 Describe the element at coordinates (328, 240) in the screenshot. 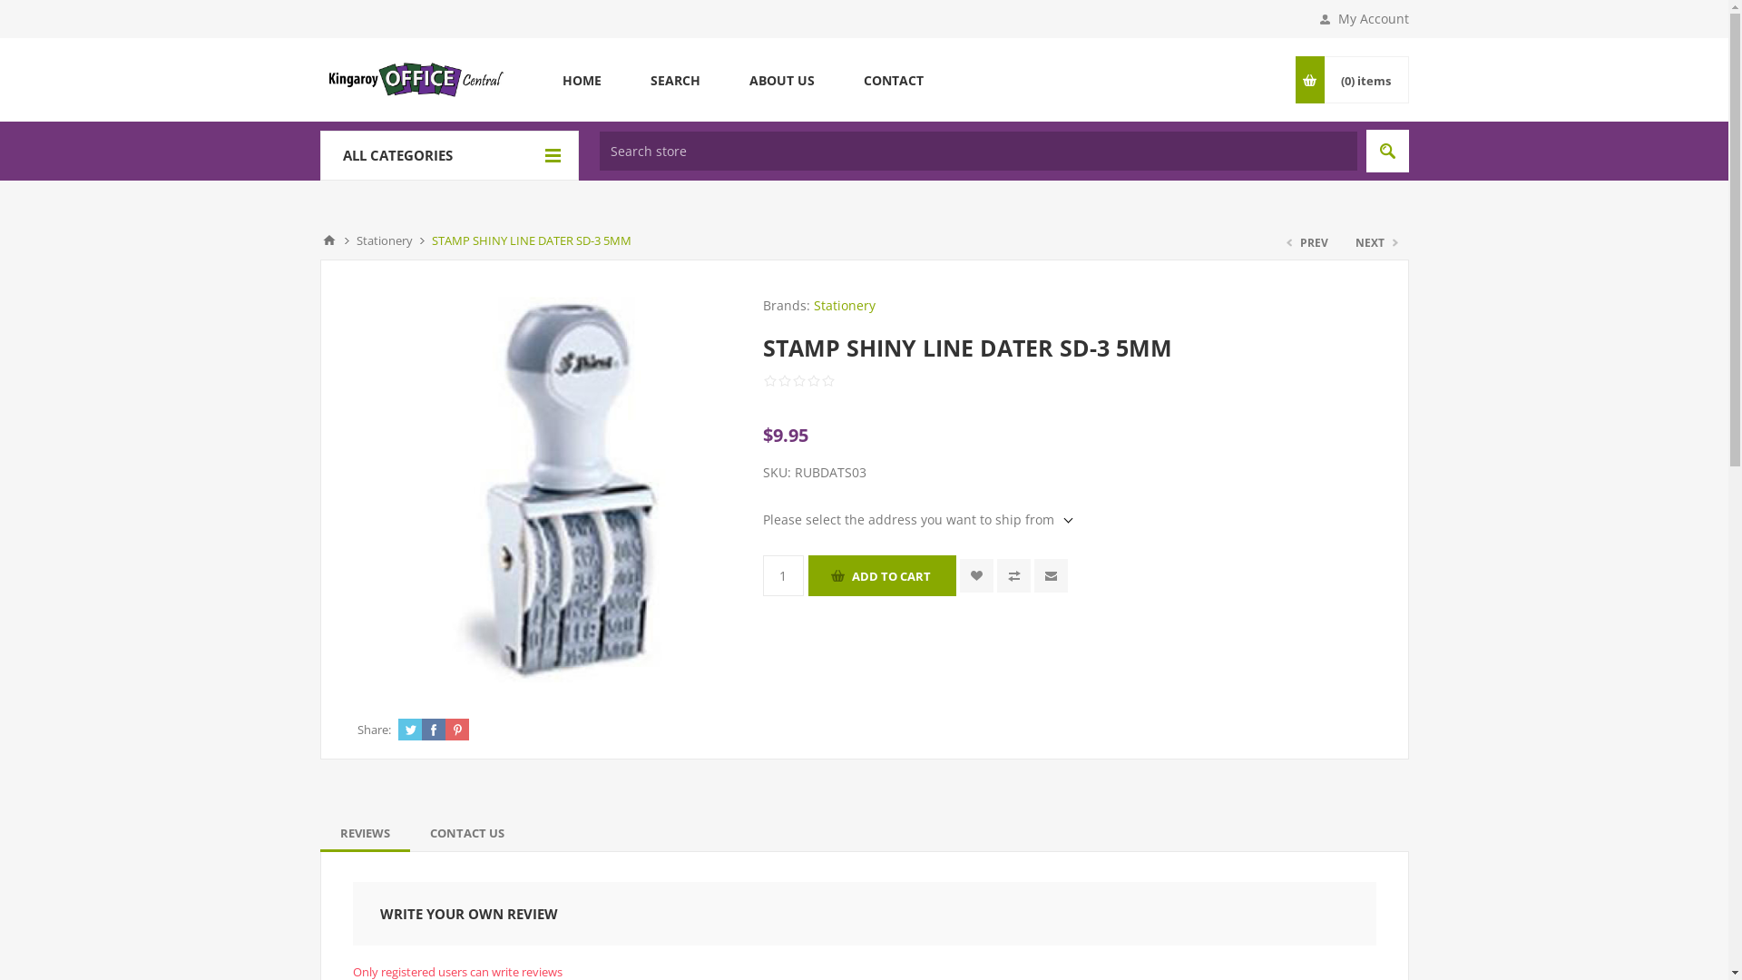

I see `'Home'` at that location.